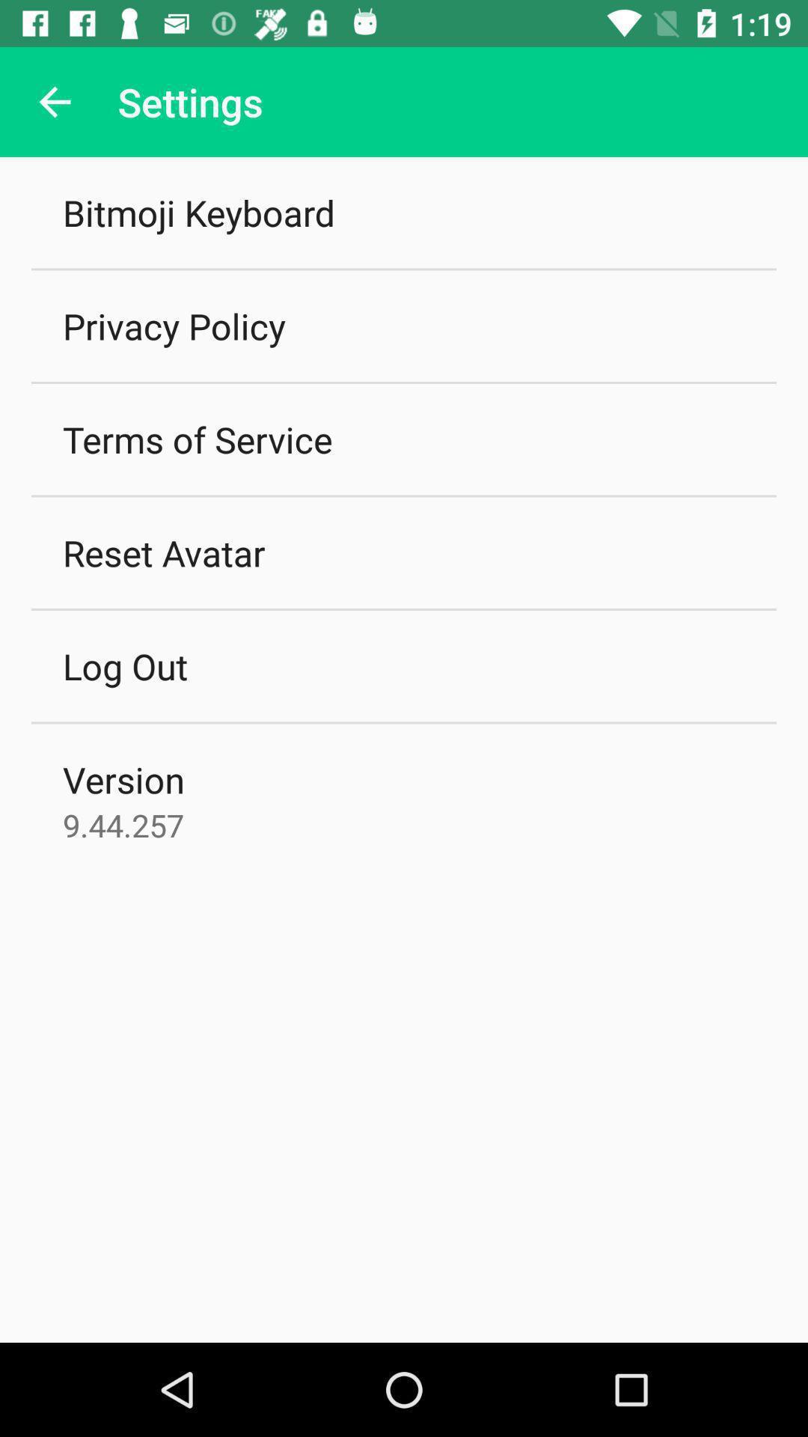  I want to click on the item above 9.44.257 item, so click(123, 778).